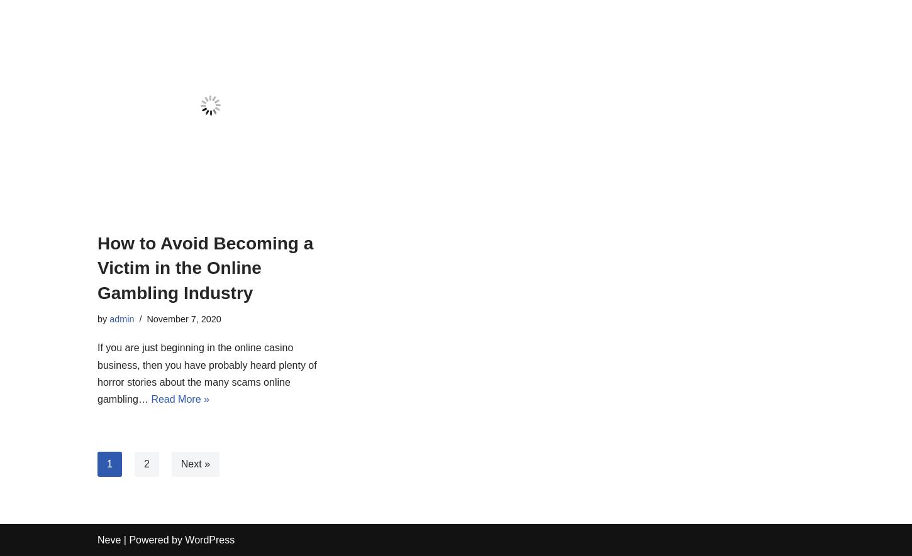  Describe the element at coordinates (179, 398) in the screenshot. I see `'Read More »'` at that location.